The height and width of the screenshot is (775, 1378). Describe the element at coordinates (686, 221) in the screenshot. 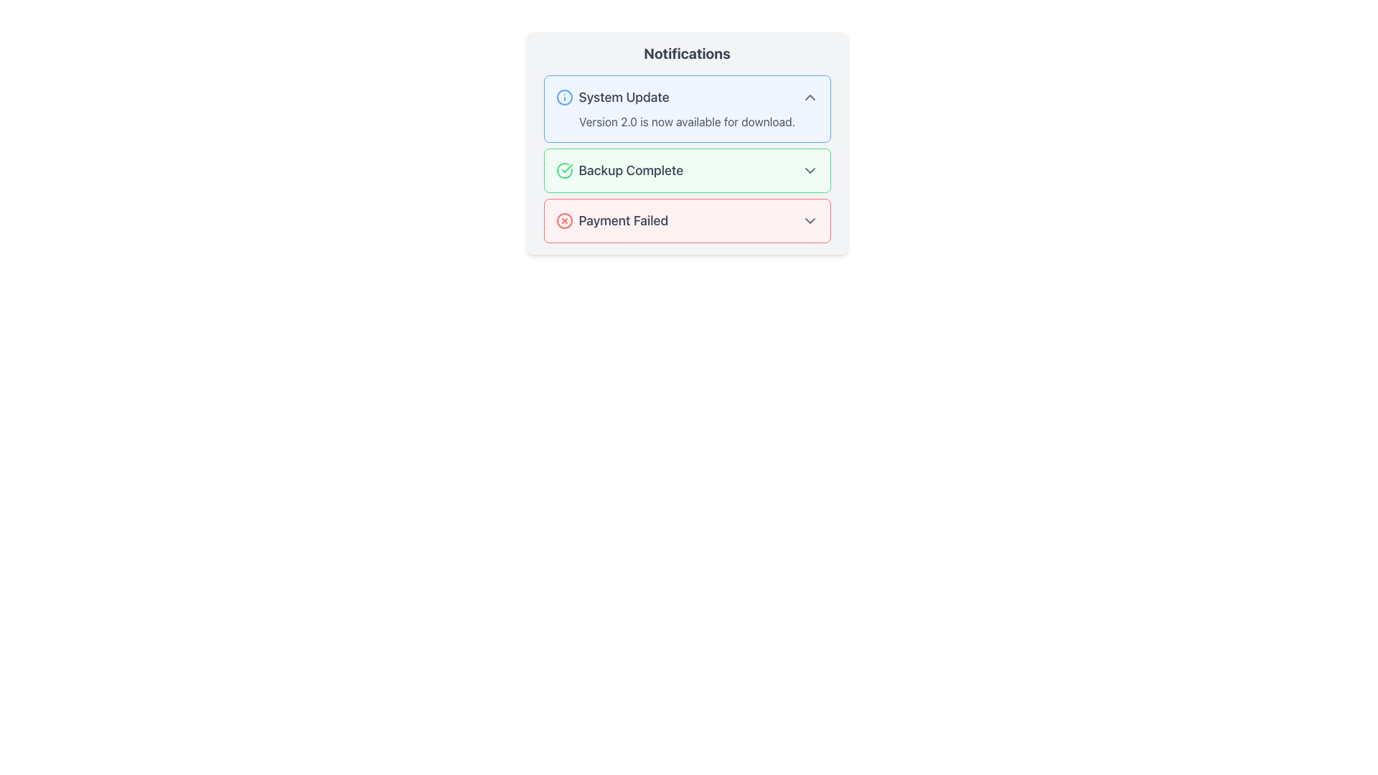

I see `the 'Payment Failed' notification message` at that location.